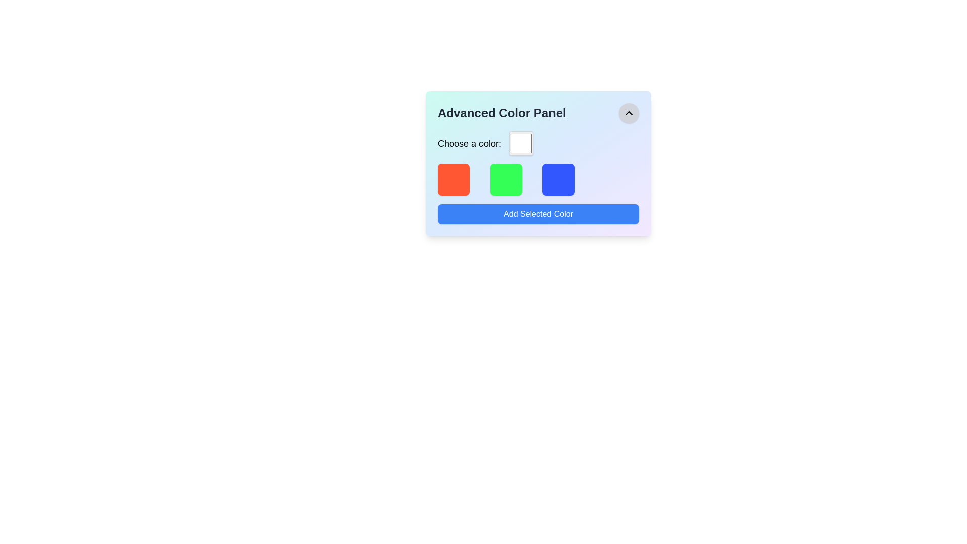 The image size is (967, 544). I want to click on the second green square with rounded corners and a shadow effect in a row of four squares, so click(506, 179).